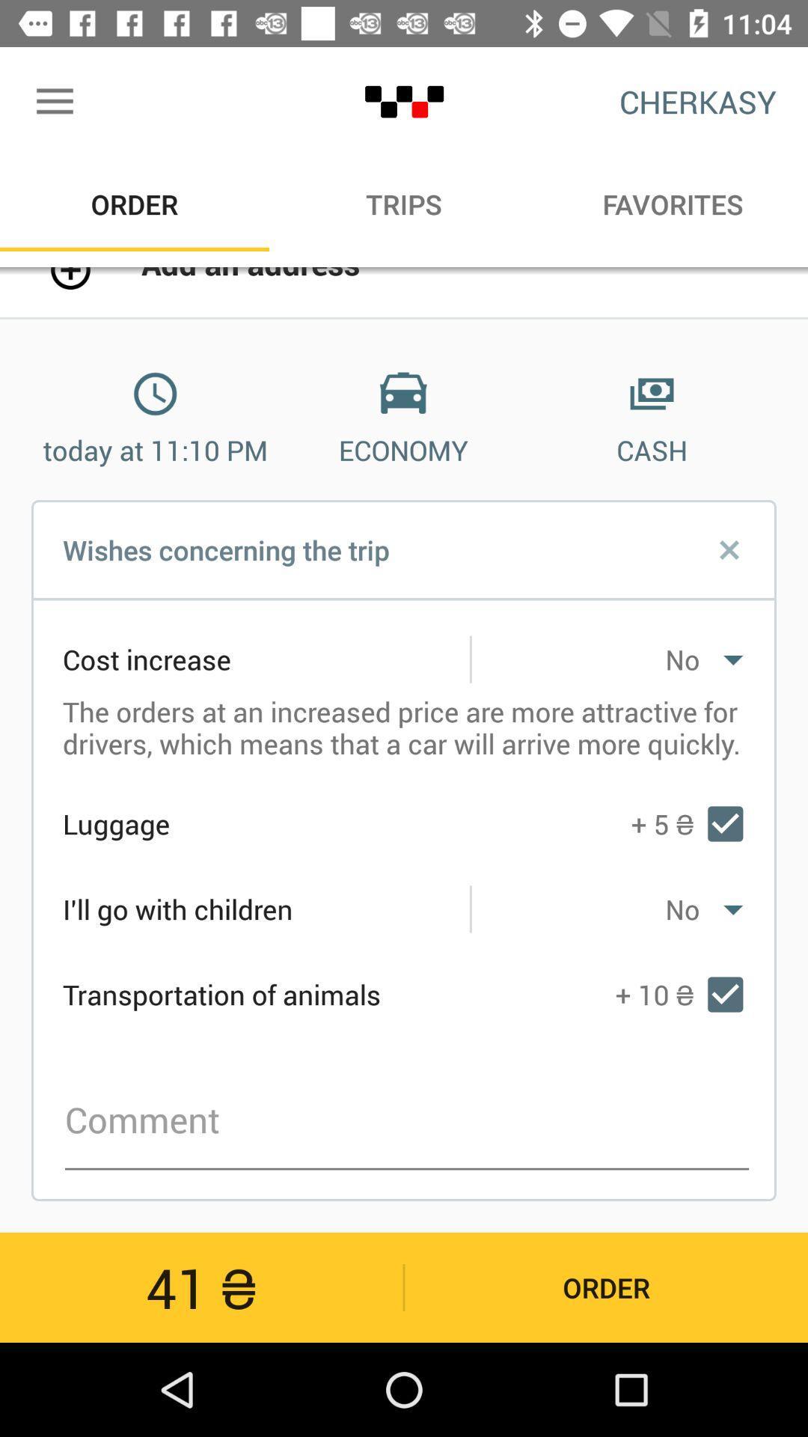 The image size is (808, 1437). Describe the element at coordinates (698, 101) in the screenshot. I see `cherkasy item` at that location.